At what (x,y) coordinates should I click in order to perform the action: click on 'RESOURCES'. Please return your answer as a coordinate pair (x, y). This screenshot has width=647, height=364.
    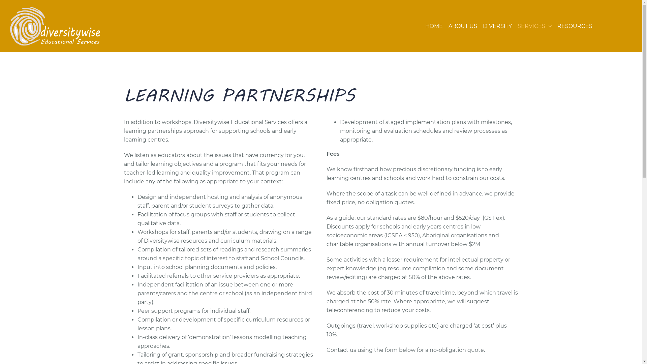
    Looking at the image, I should click on (557, 26).